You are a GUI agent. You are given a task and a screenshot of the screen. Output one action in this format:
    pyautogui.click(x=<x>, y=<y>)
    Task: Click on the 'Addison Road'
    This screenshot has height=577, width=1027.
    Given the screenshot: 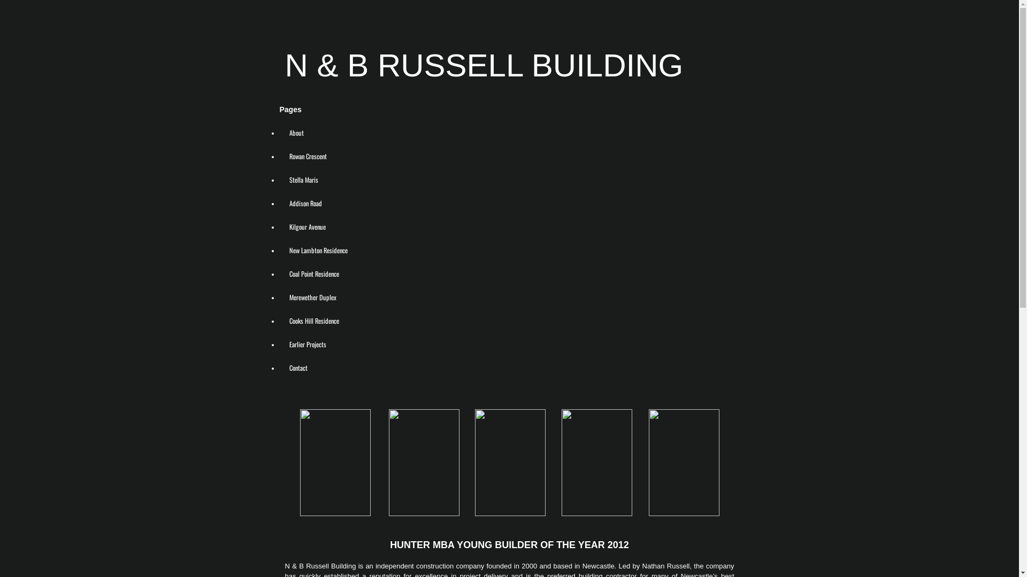 What is the action you would take?
    pyautogui.click(x=305, y=203)
    